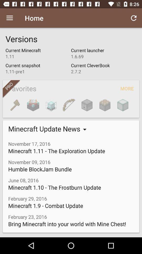  What do you see at coordinates (134, 18) in the screenshot?
I see `the icon at the top right of the page` at bounding box center [134, 18].